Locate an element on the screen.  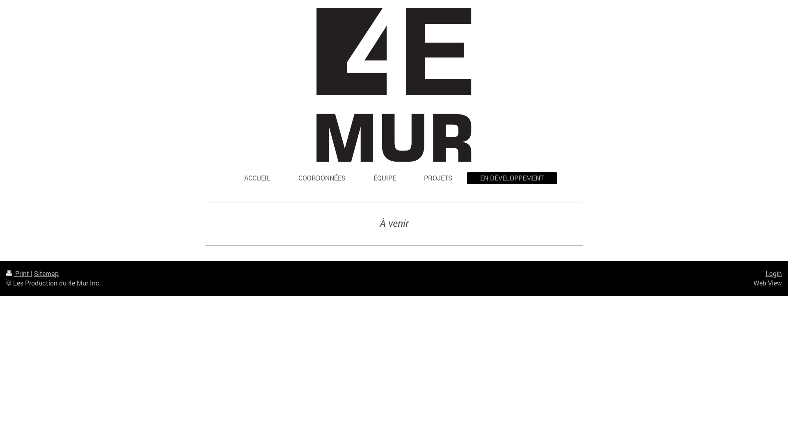
'ACCUEIL' is located at coordinates (257, 178).